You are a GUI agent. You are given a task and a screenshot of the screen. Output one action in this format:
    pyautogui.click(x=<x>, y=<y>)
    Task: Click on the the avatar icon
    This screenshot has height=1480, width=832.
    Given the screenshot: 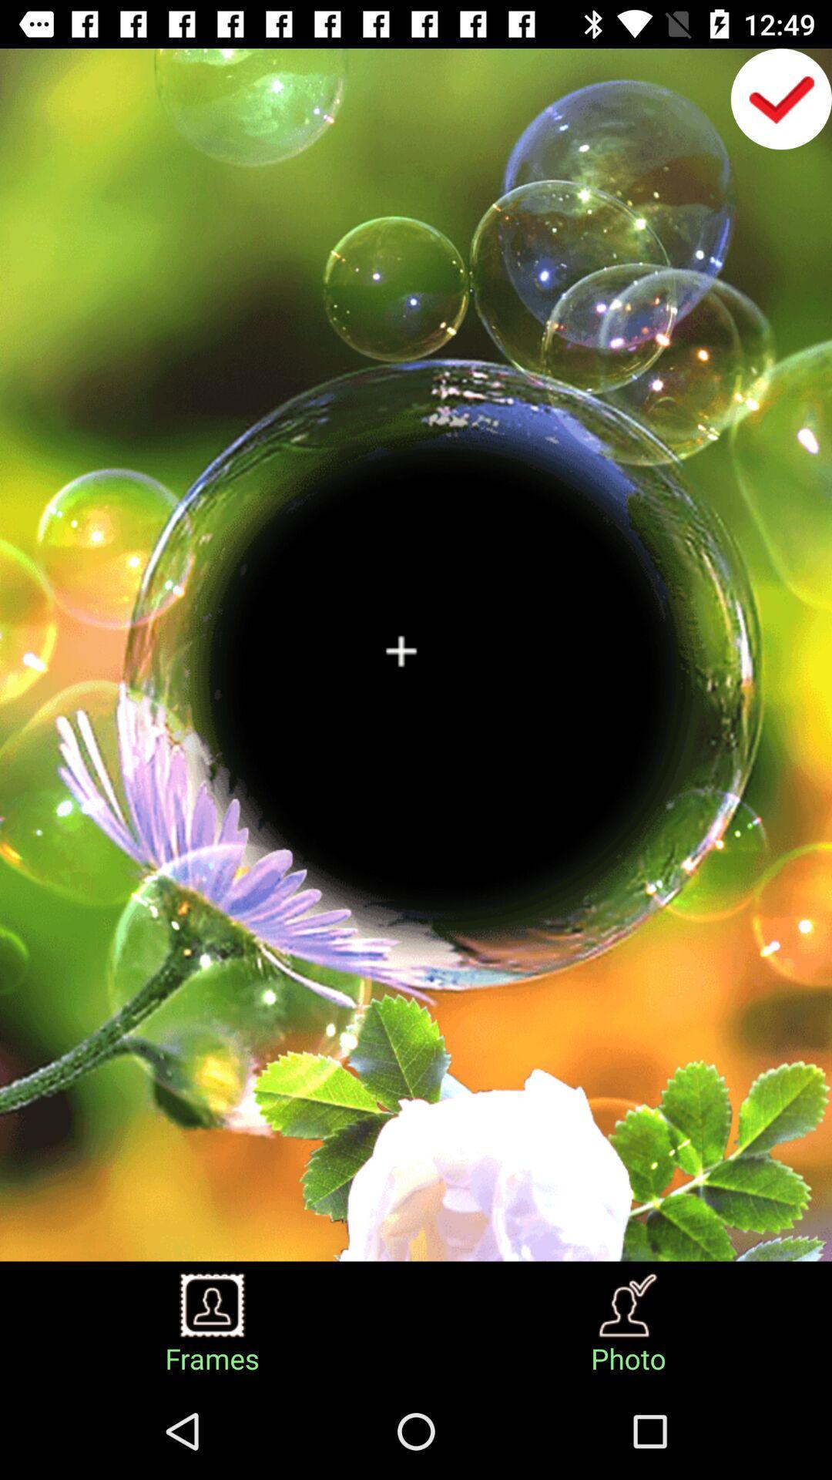 What is the action you would take?
    pyautogui.click(x=212, y=1304)
    